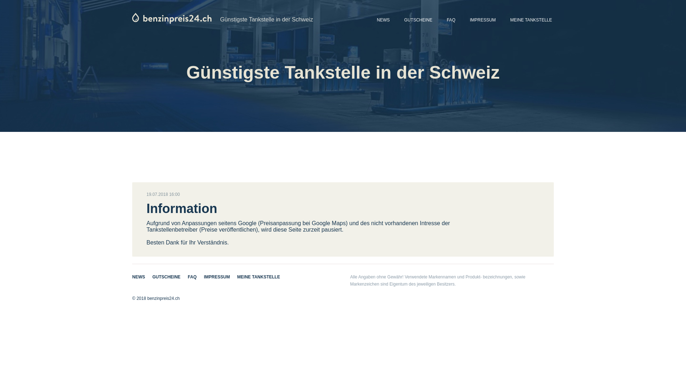  Describe the element at coordinates (192, 277) in the screenshot. I see `'FAQ'` at that location.